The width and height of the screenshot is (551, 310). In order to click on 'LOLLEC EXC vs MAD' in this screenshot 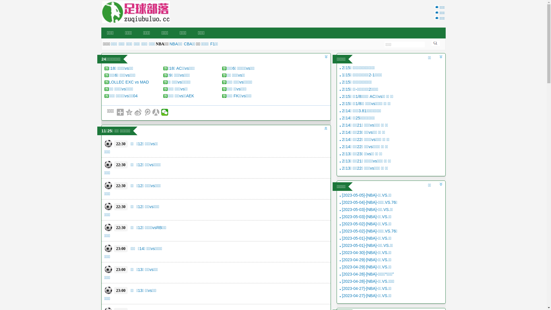, I will do `click(129, 82)`.